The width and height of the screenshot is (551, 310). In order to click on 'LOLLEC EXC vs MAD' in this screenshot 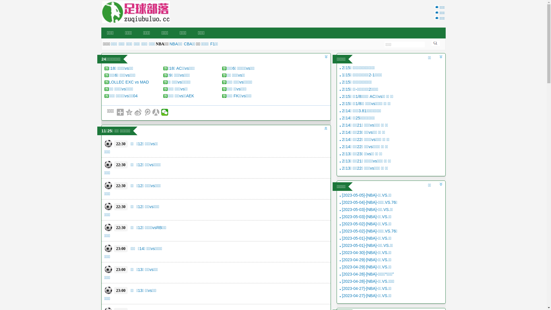, I will do `click(129, 82)`.